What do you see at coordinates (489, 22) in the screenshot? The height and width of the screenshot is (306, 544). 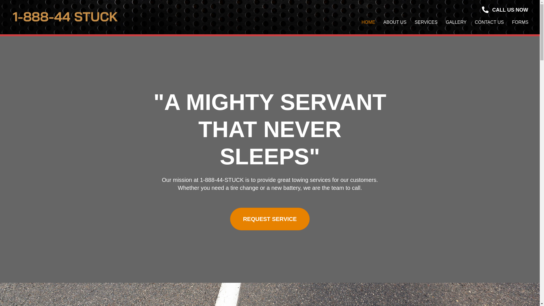 I see `'CONTACT US'` at bounding box center [489, 22].